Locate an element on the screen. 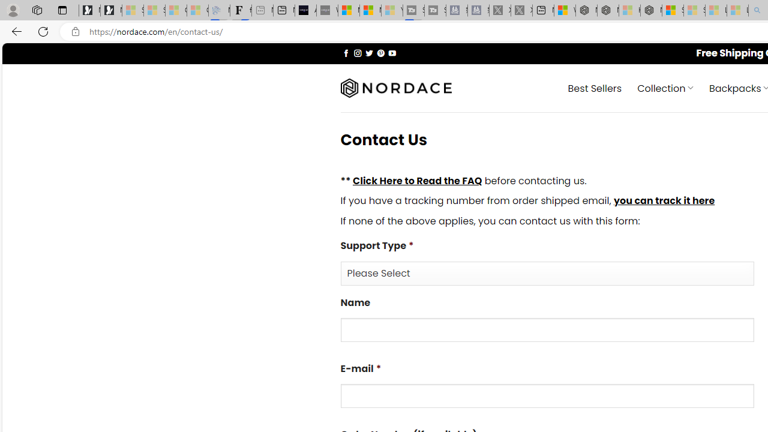 Image resolution: width=768 pixels, height=432 pixels. 'you can track it here' is located at coordinates (663, 200).